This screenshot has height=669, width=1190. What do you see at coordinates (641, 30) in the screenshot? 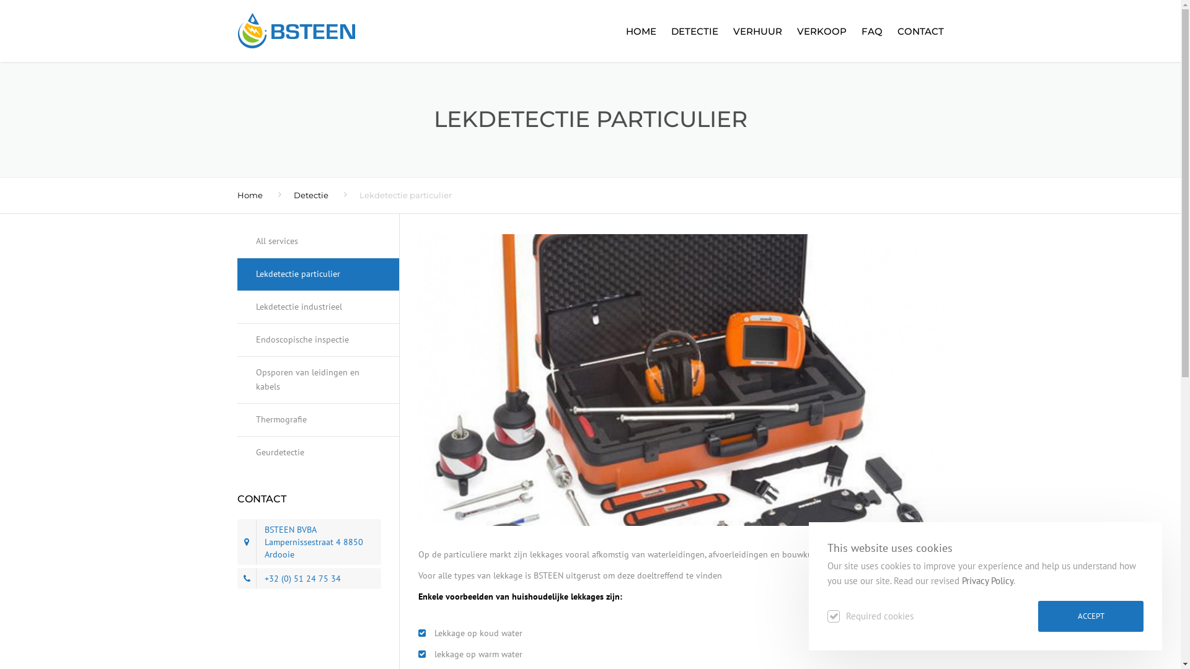
I see `'HOME'` at bounding box center [641, 30].